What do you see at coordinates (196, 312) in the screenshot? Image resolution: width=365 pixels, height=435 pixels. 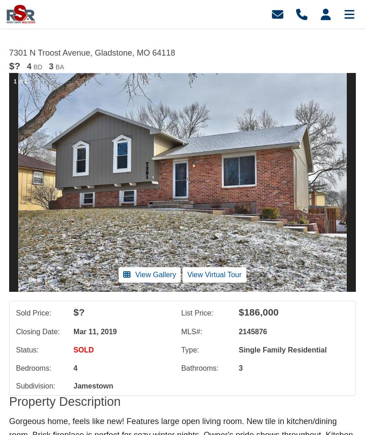 I see `'List Price'` at bounding box center [196, 312].